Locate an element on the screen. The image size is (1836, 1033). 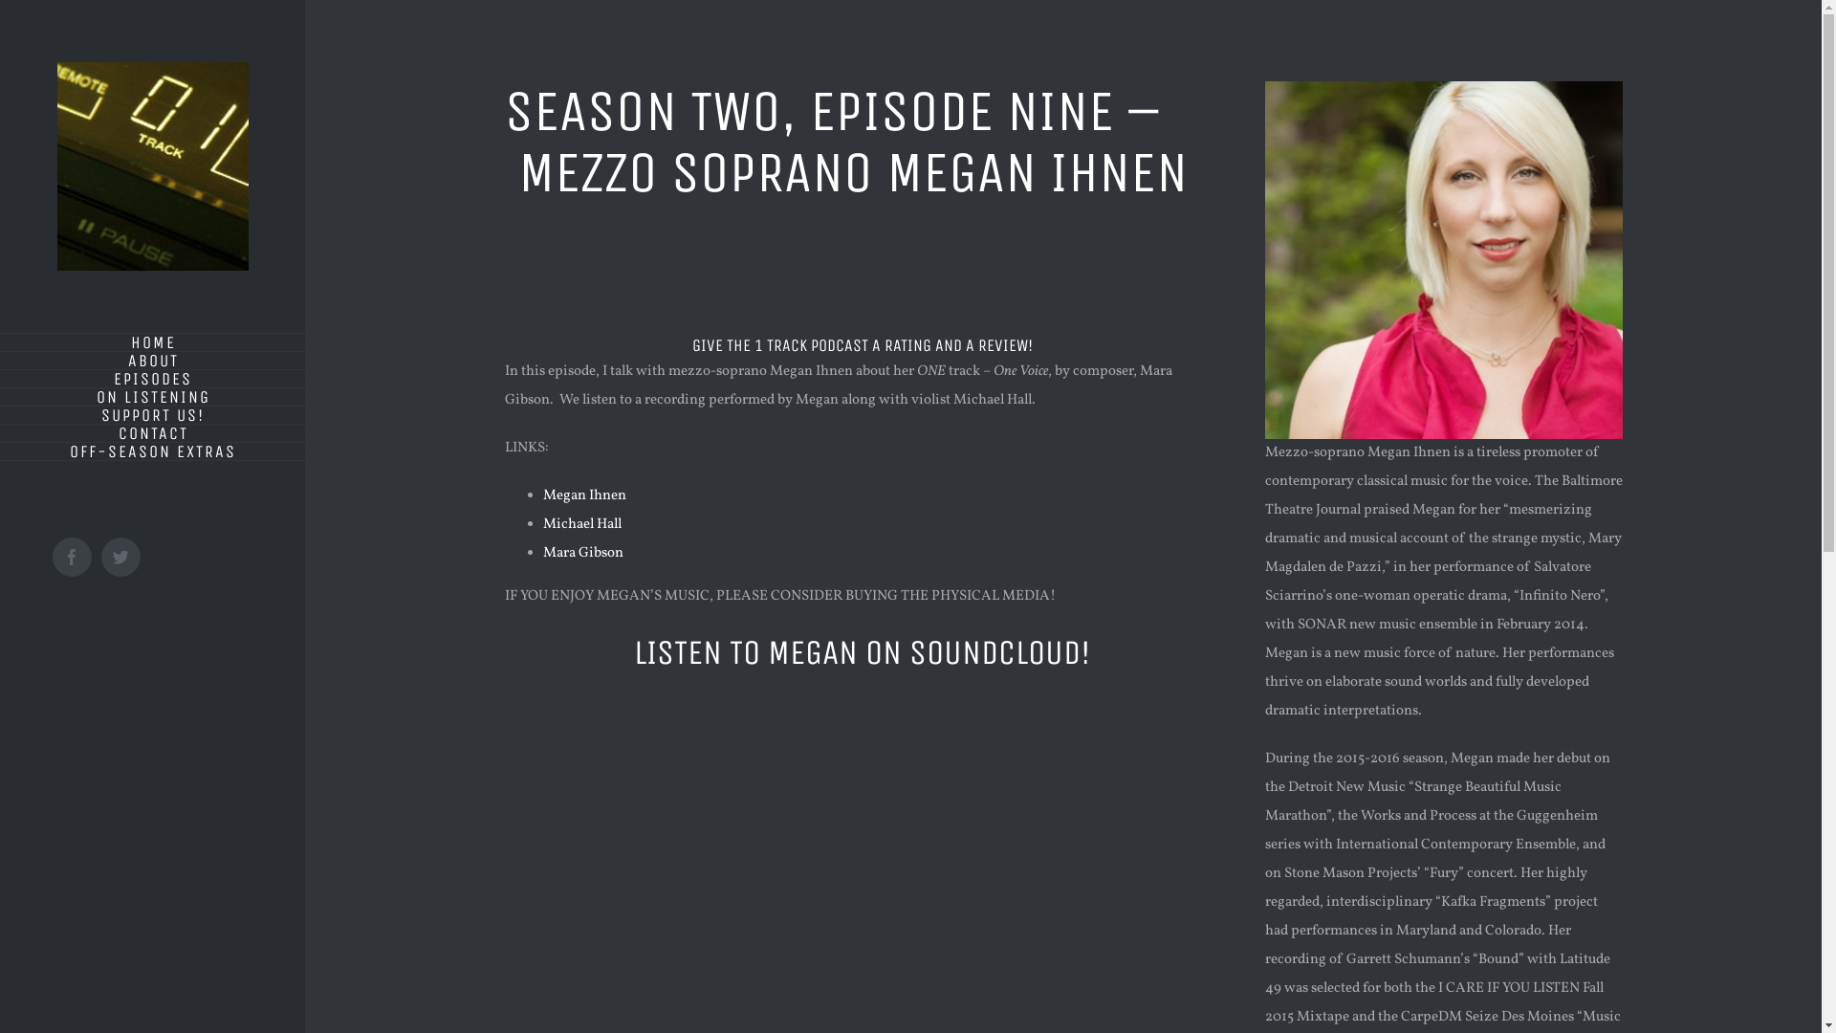
'ABOUT' is located at coordinates (0, 361).